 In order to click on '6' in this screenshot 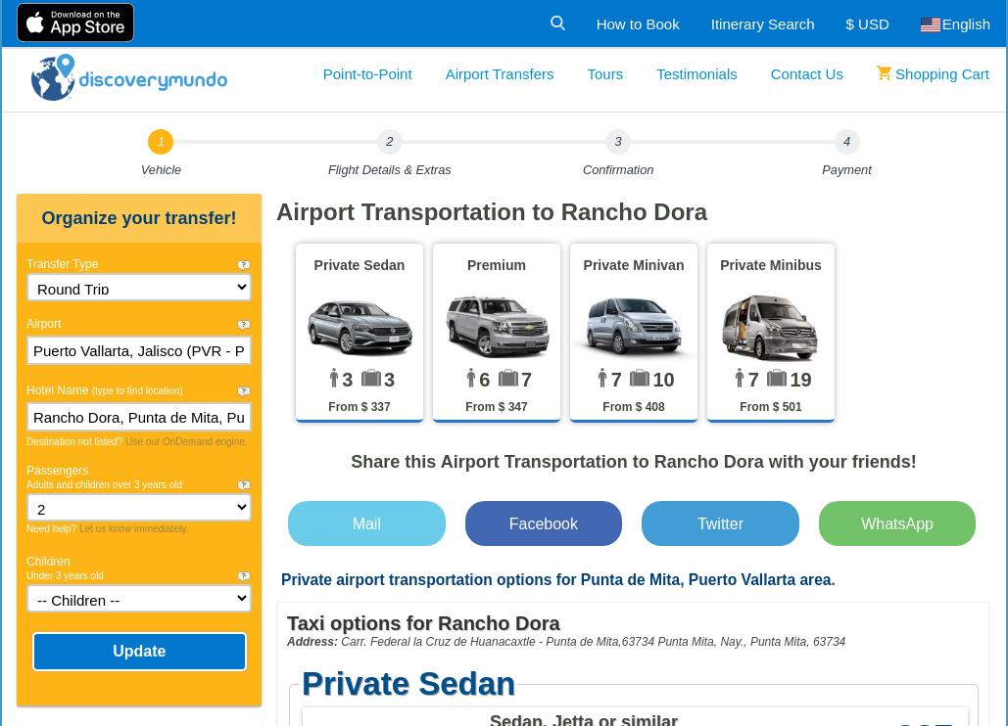, I will do `click(484, 378)`.